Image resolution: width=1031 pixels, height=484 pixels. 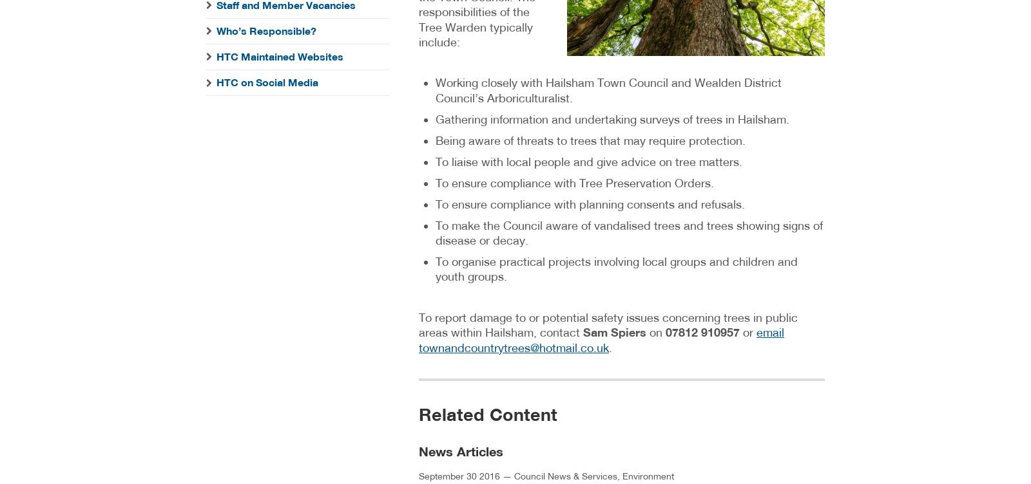 What do you see at coordinates (435, 89) in the screenshot?
I see `'Working closely with Hailsham Town Council and Wealden District Council’s Arboriculturalist.'` at bounding box center [435, 89].